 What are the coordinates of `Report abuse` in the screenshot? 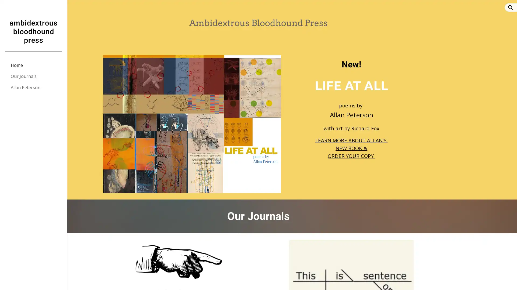 It's located at (132, 280).